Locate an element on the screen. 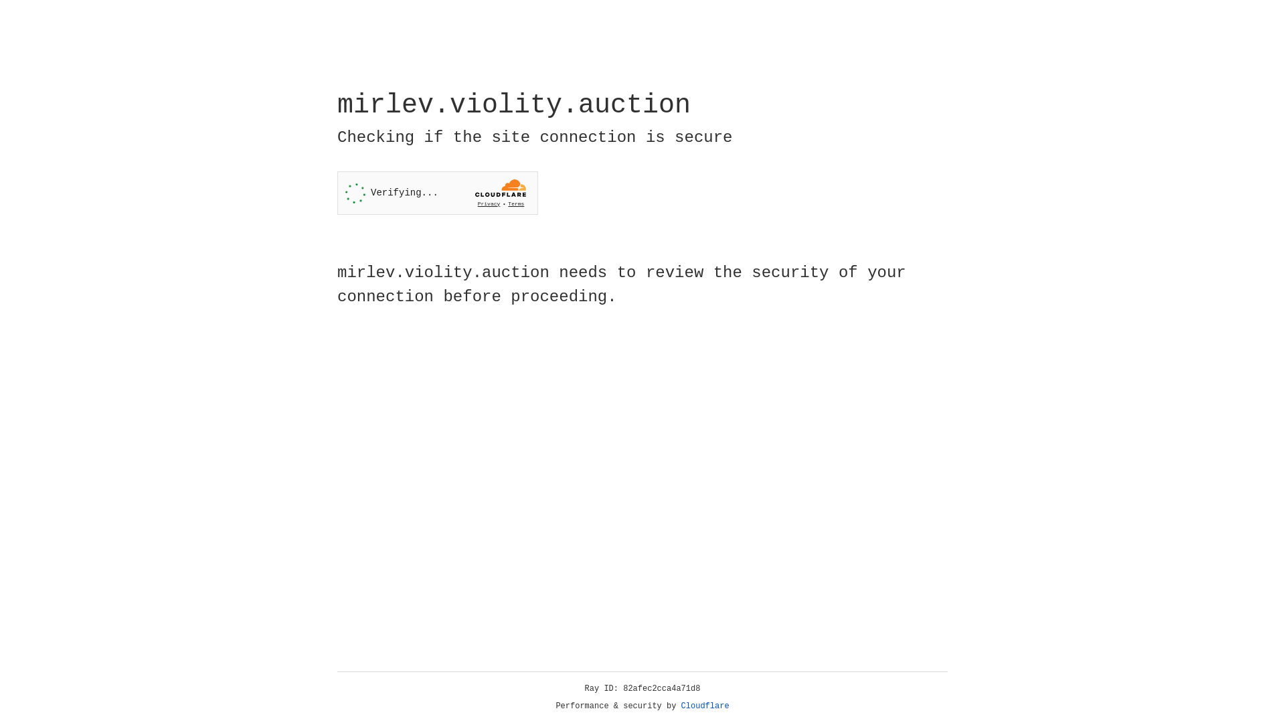 This screenshot has height=723, width=1285. 'Widget containing a Cloudflare security challenge' is located at coordinates (437, 193).